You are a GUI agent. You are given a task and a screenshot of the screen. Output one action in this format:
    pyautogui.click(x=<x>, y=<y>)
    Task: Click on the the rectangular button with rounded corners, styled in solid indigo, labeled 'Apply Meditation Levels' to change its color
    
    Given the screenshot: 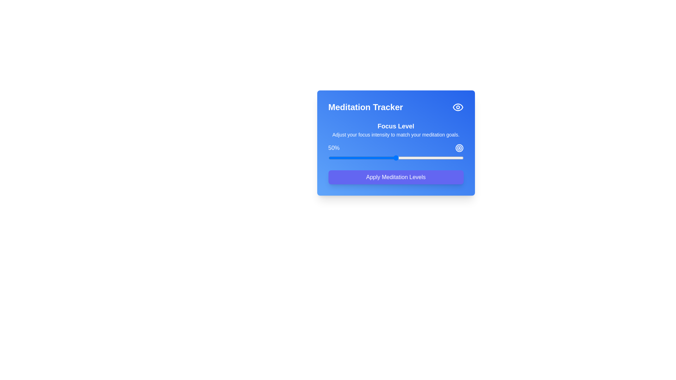 What is the action you would take?
    pyautogui.click(x=396, y=177)
    